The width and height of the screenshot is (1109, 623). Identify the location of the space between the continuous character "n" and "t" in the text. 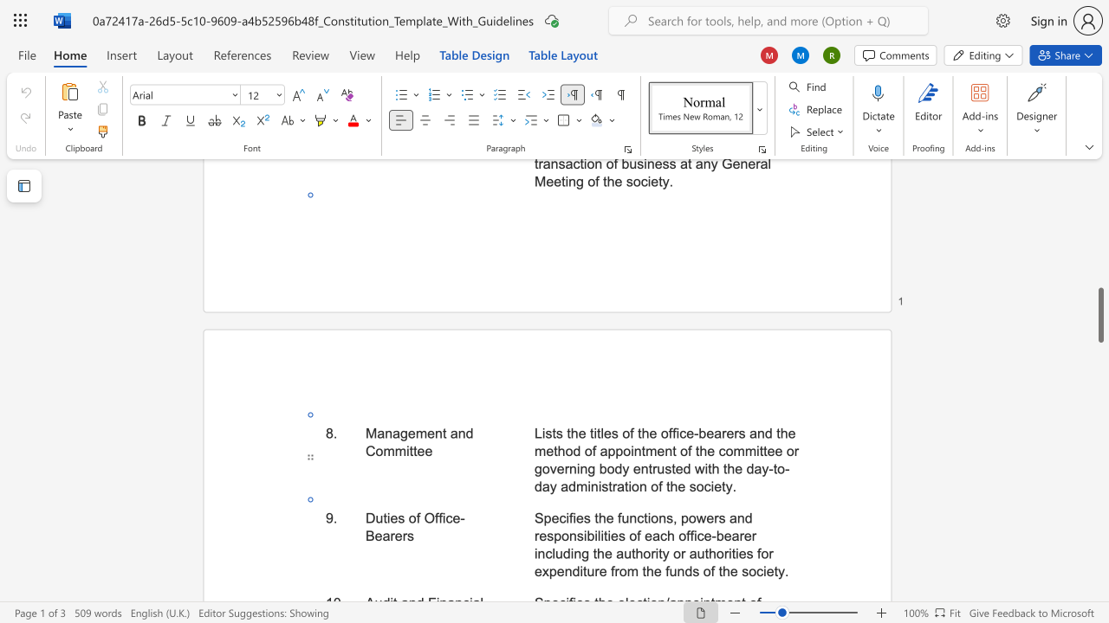
(441, 432).